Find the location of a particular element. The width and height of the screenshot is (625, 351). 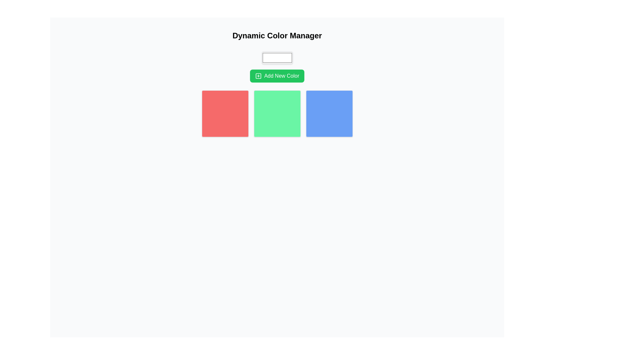

the decorative square element within the SVG icon design, which is located to the left of the 'Add New Color' label in the button is located at coordinates (258, 76).